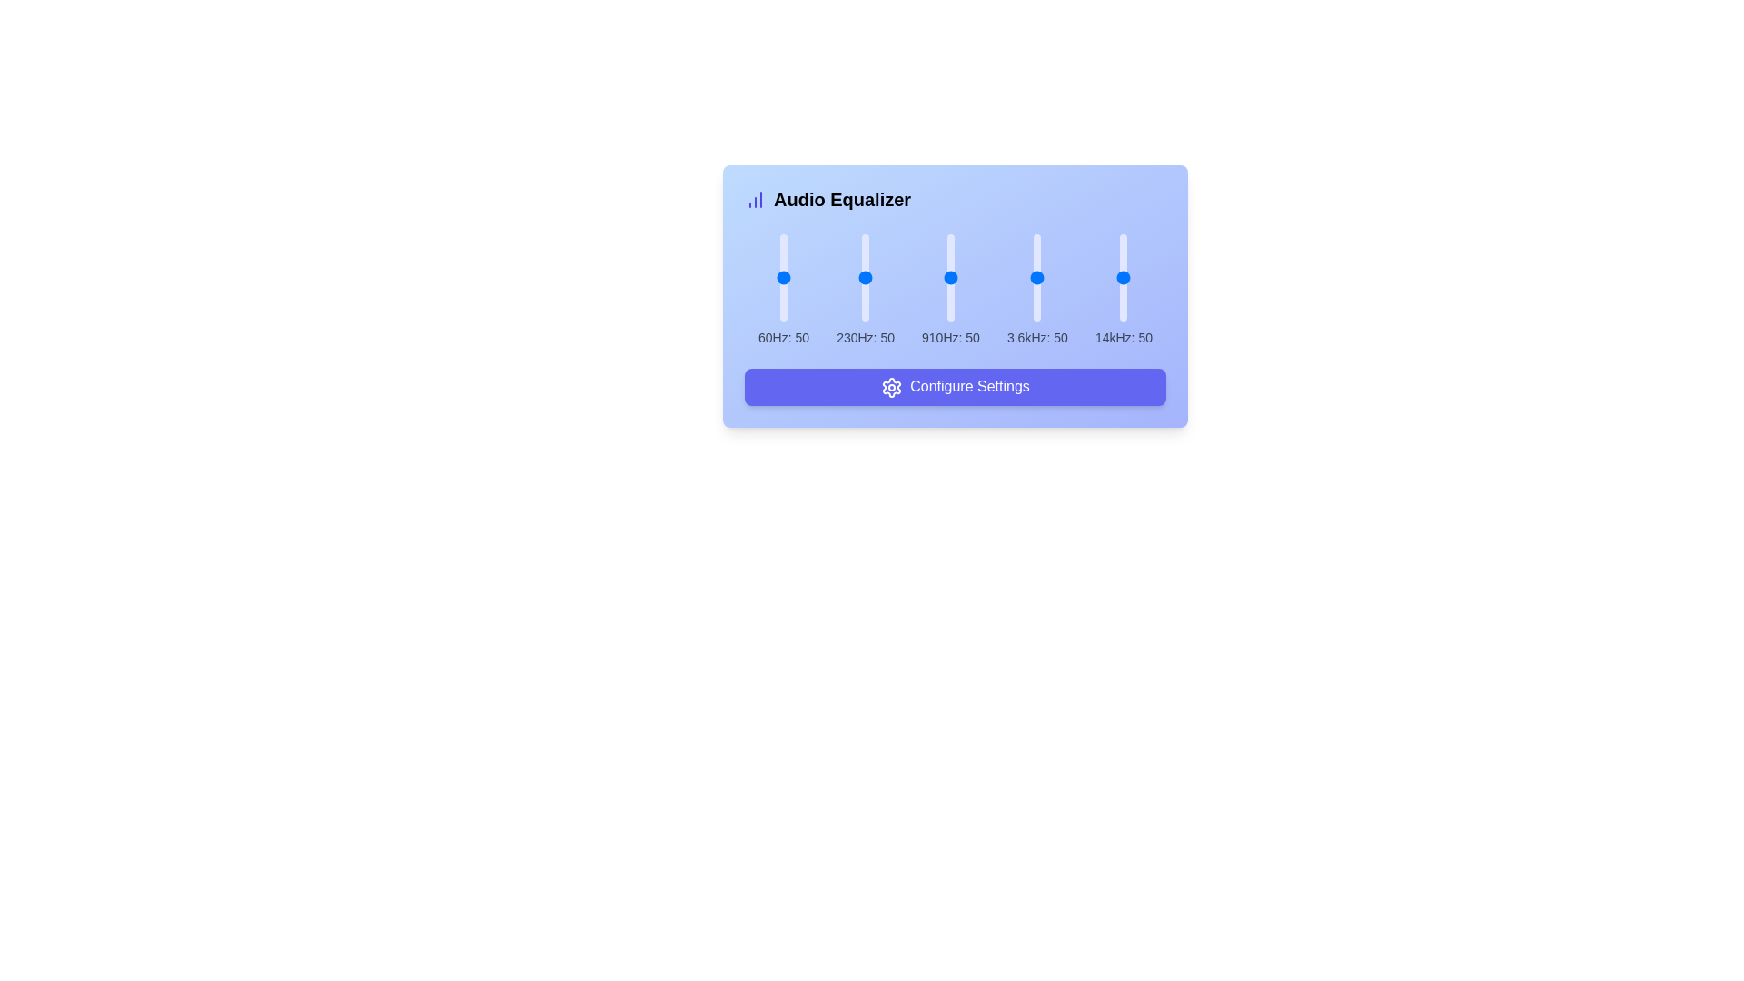 The width and height of the screenshot is (1744, 981). What do you see at coordinates (1123, 337) in the screenshot?
I see `the text label displaying '14kHz: 50', which is styled with a small font size, medium weight, and gray color, located directly below the corresponding vertical slider in the audio equalizer interface` at bounding box center [1123, 337].